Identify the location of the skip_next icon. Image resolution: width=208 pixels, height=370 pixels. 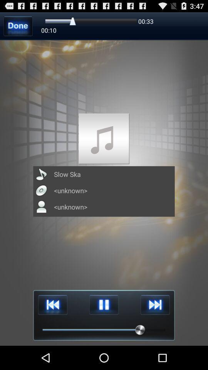
(155, 326).